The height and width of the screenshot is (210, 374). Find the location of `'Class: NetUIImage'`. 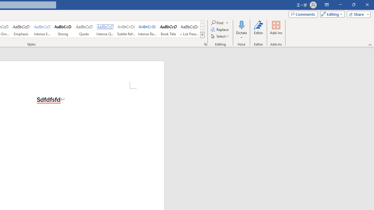

'Class: NetUIImage' is located at coordinates (202, 35).